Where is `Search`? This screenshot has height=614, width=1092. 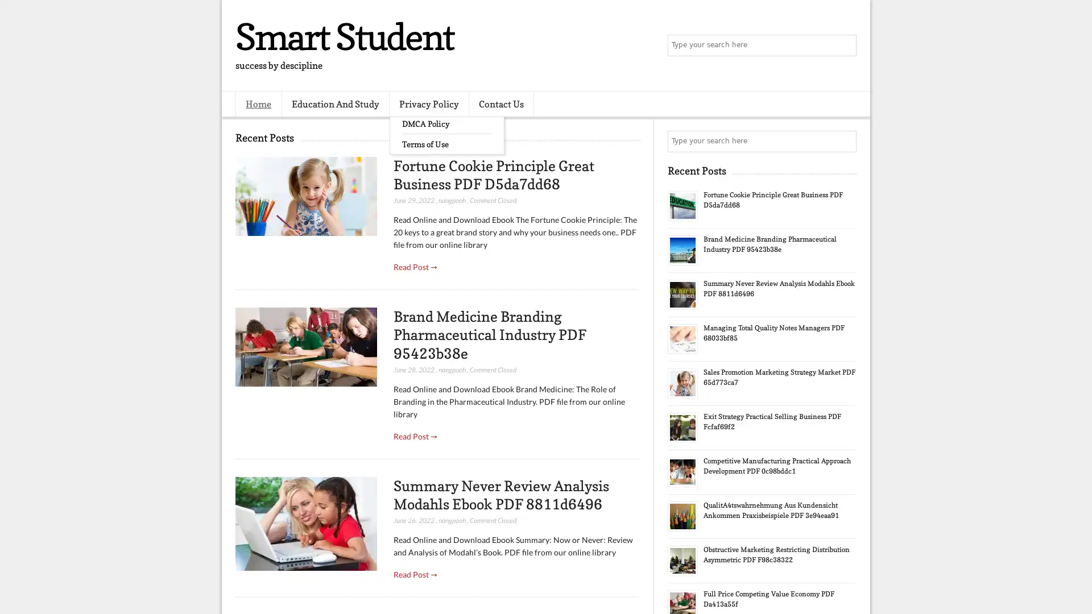 Search is located at coordinates (845, 45).